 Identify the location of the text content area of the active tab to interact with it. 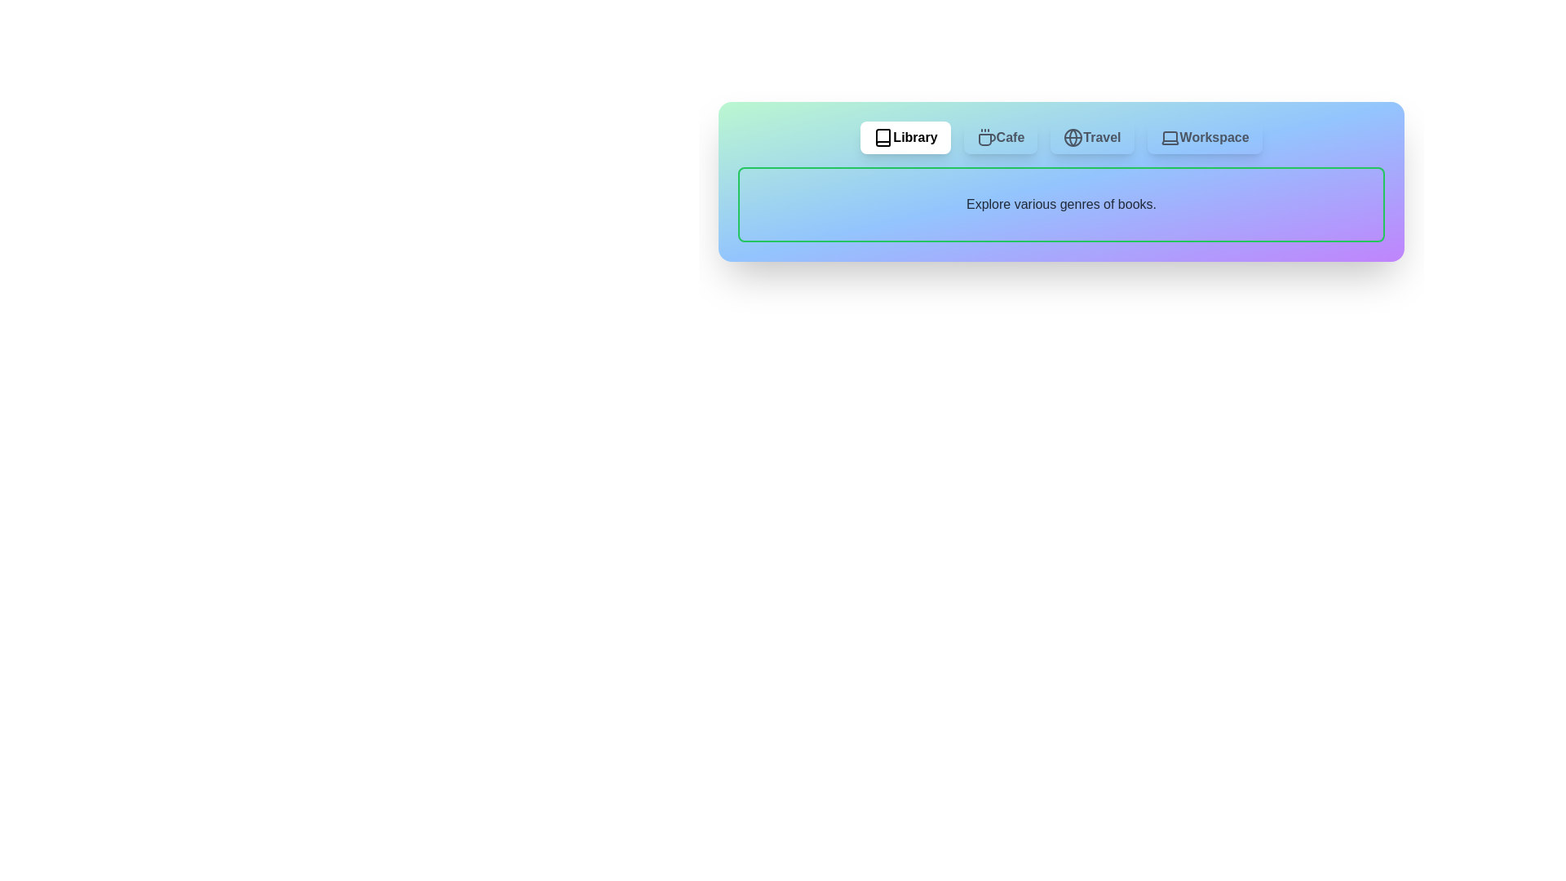
(1061, 203).